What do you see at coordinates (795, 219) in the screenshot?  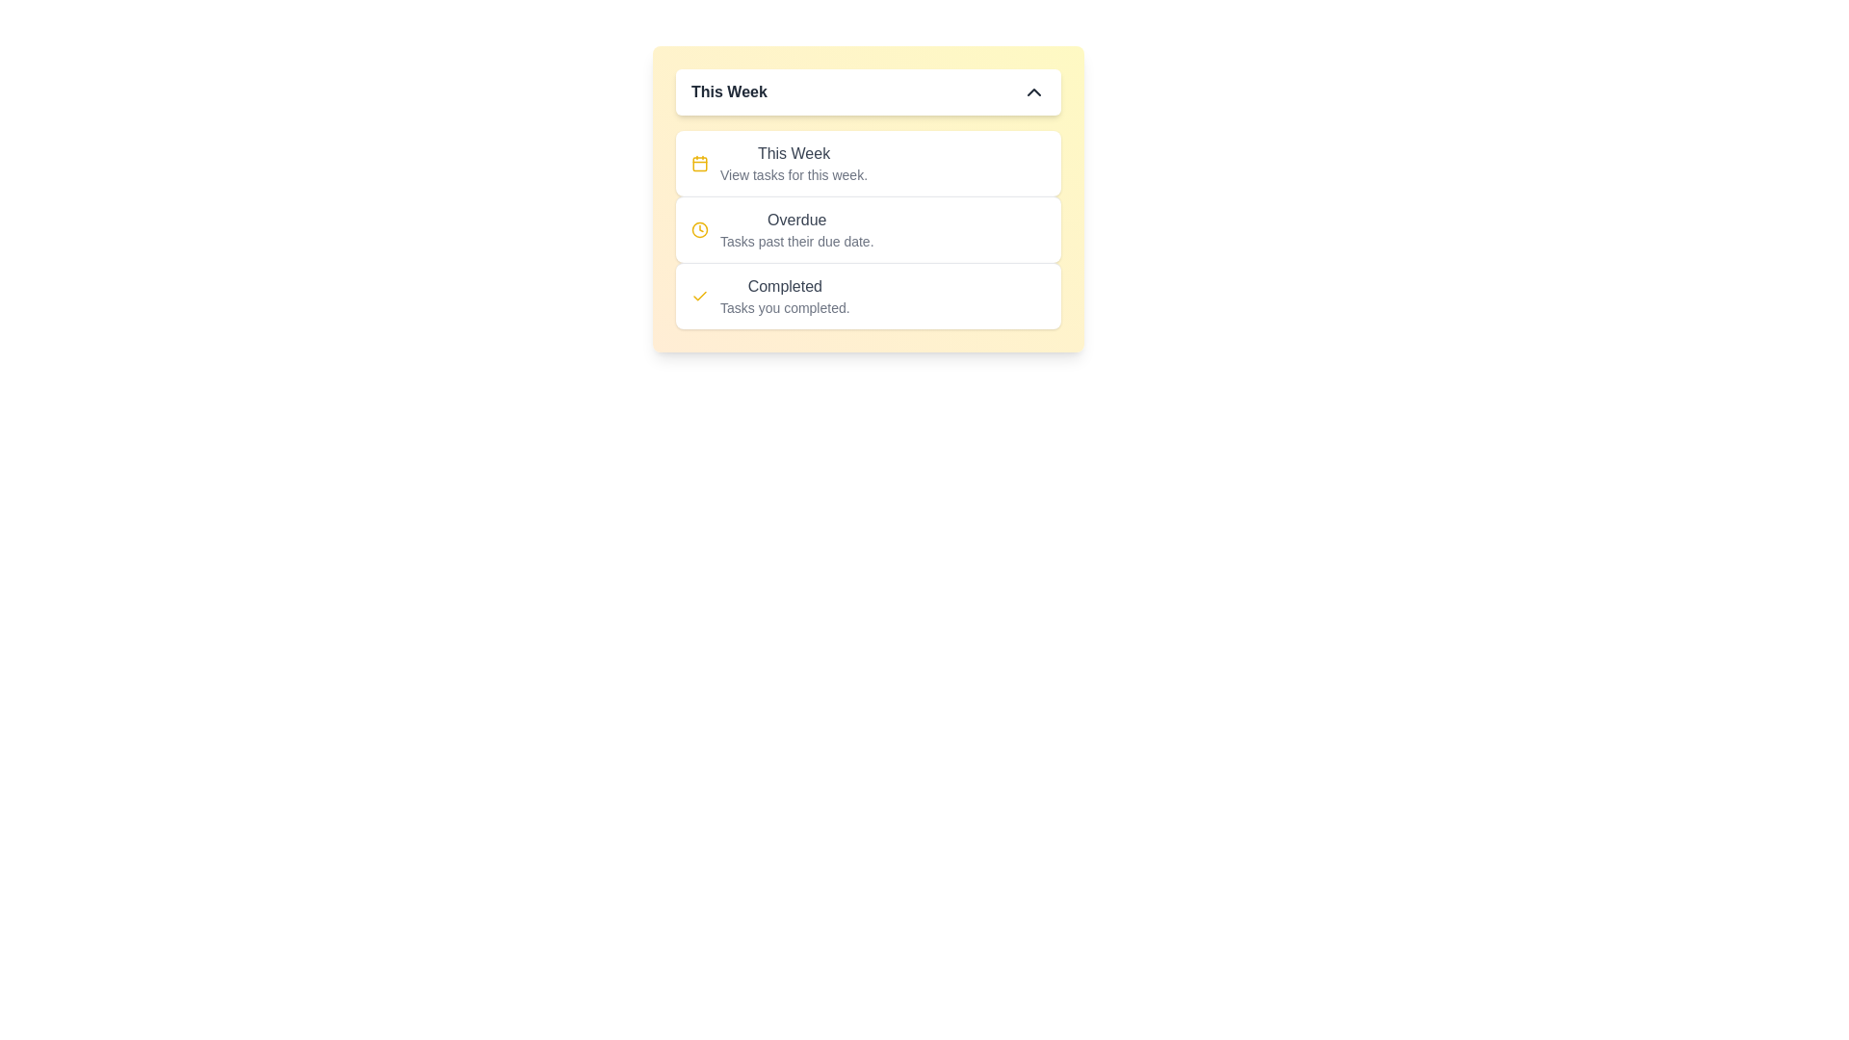 I see `the task category Overdue to view its description` at bounding box center [795, 219].